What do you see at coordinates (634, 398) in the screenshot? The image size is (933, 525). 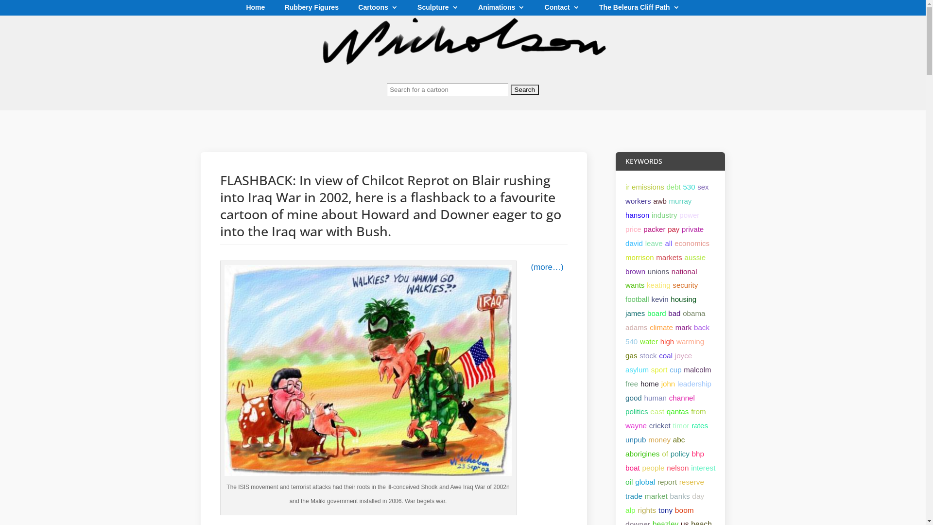 I see `'good'` at bounding box center [634, 398].